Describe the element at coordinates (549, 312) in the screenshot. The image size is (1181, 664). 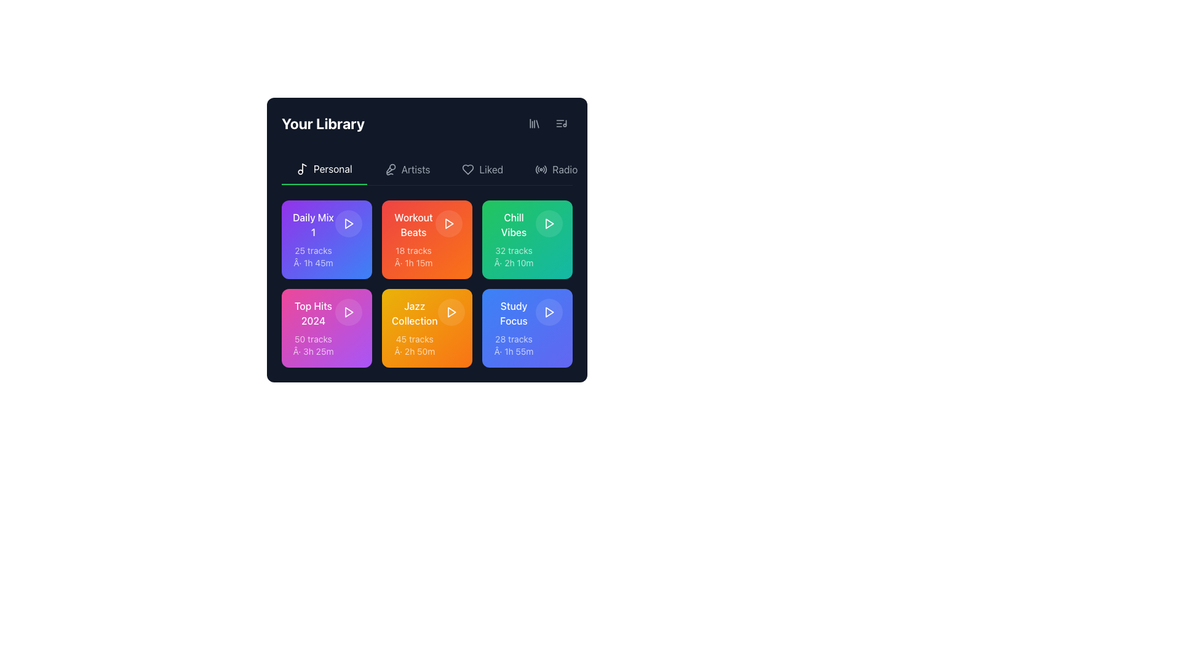
I see `the play button icon, which is a right-pointing triangle located within the blue 'Study Focus' card` at that location.